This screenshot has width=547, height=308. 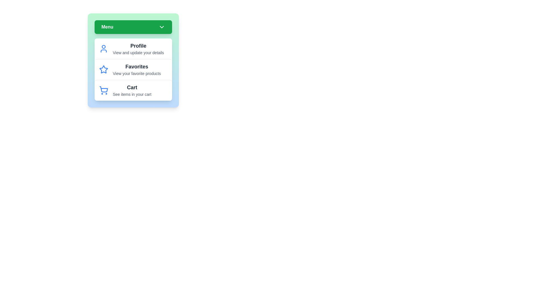 What do you see at coordinates (133, 90) in the screenshot?
I see `the 'Cart' option in the menu` at bounding box center [133, 90].